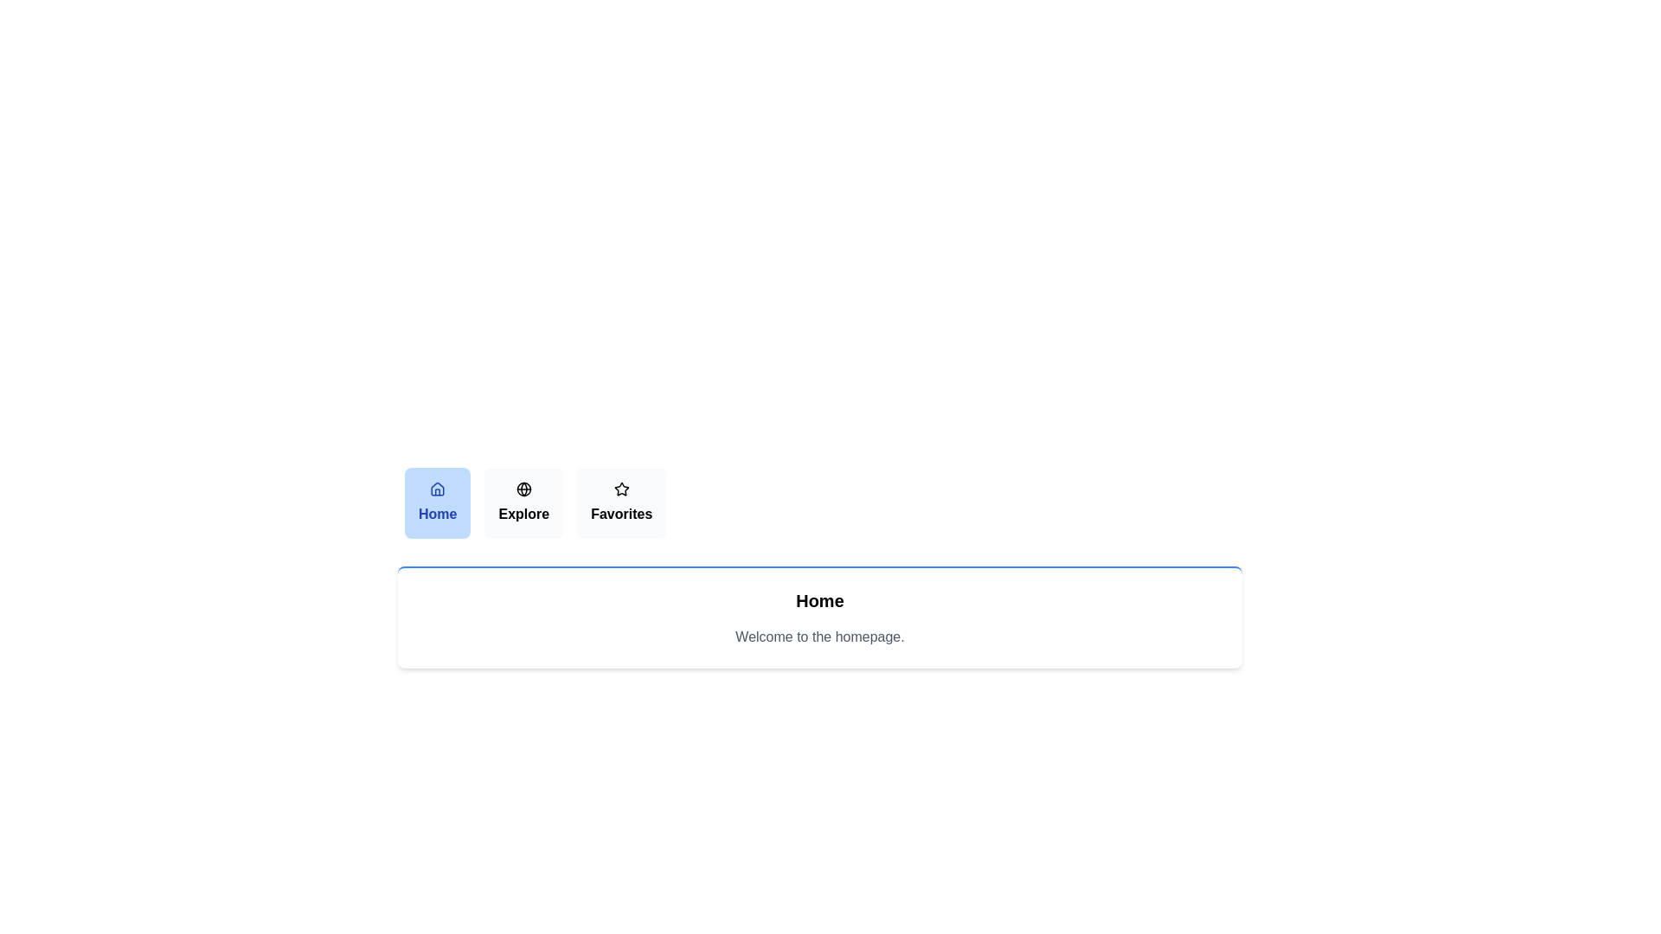  Describe the element at coordinates (622, 503) in the screenshot. I see `the tab labeled Favorites to observe its visual feedback` at that location.